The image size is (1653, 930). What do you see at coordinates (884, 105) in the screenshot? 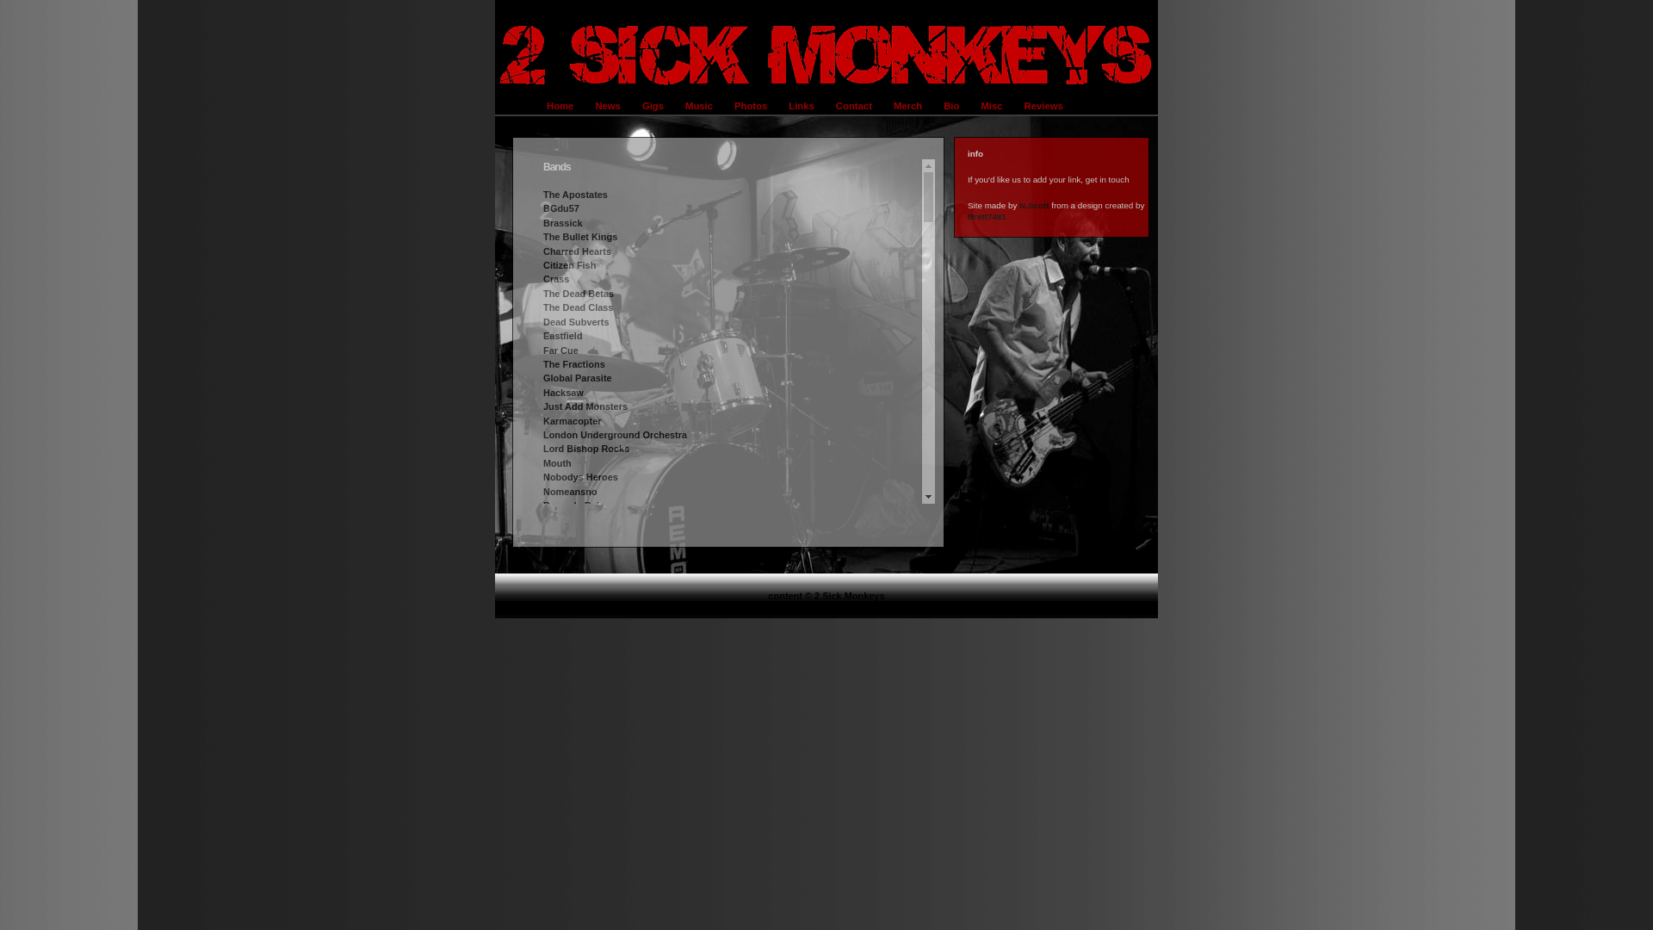
I see `'Merch'` at bounding box center [884, 105].